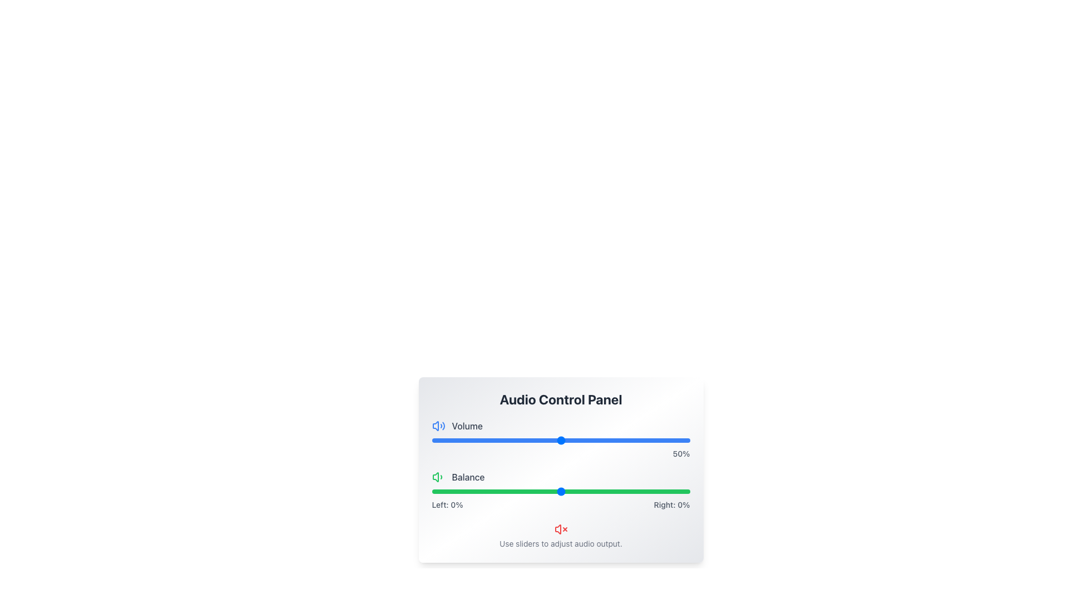  I want to click on the green speaker icon that is positioned to the left of the 'Balance' label, so click(438, 477).